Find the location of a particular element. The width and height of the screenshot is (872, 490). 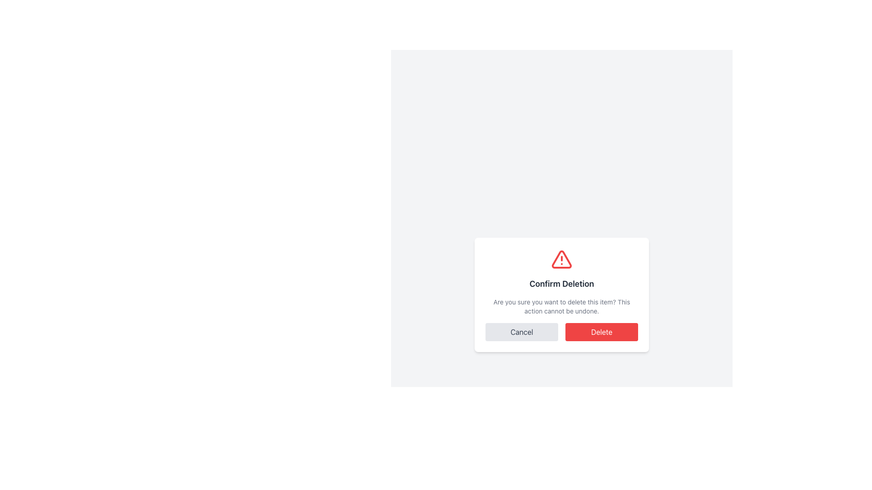

the 'Cancel' button, which is a rectangular button with a light gray background and dark gray text, located at the bottom left of the dialog box is located at coordinates (521, 332).